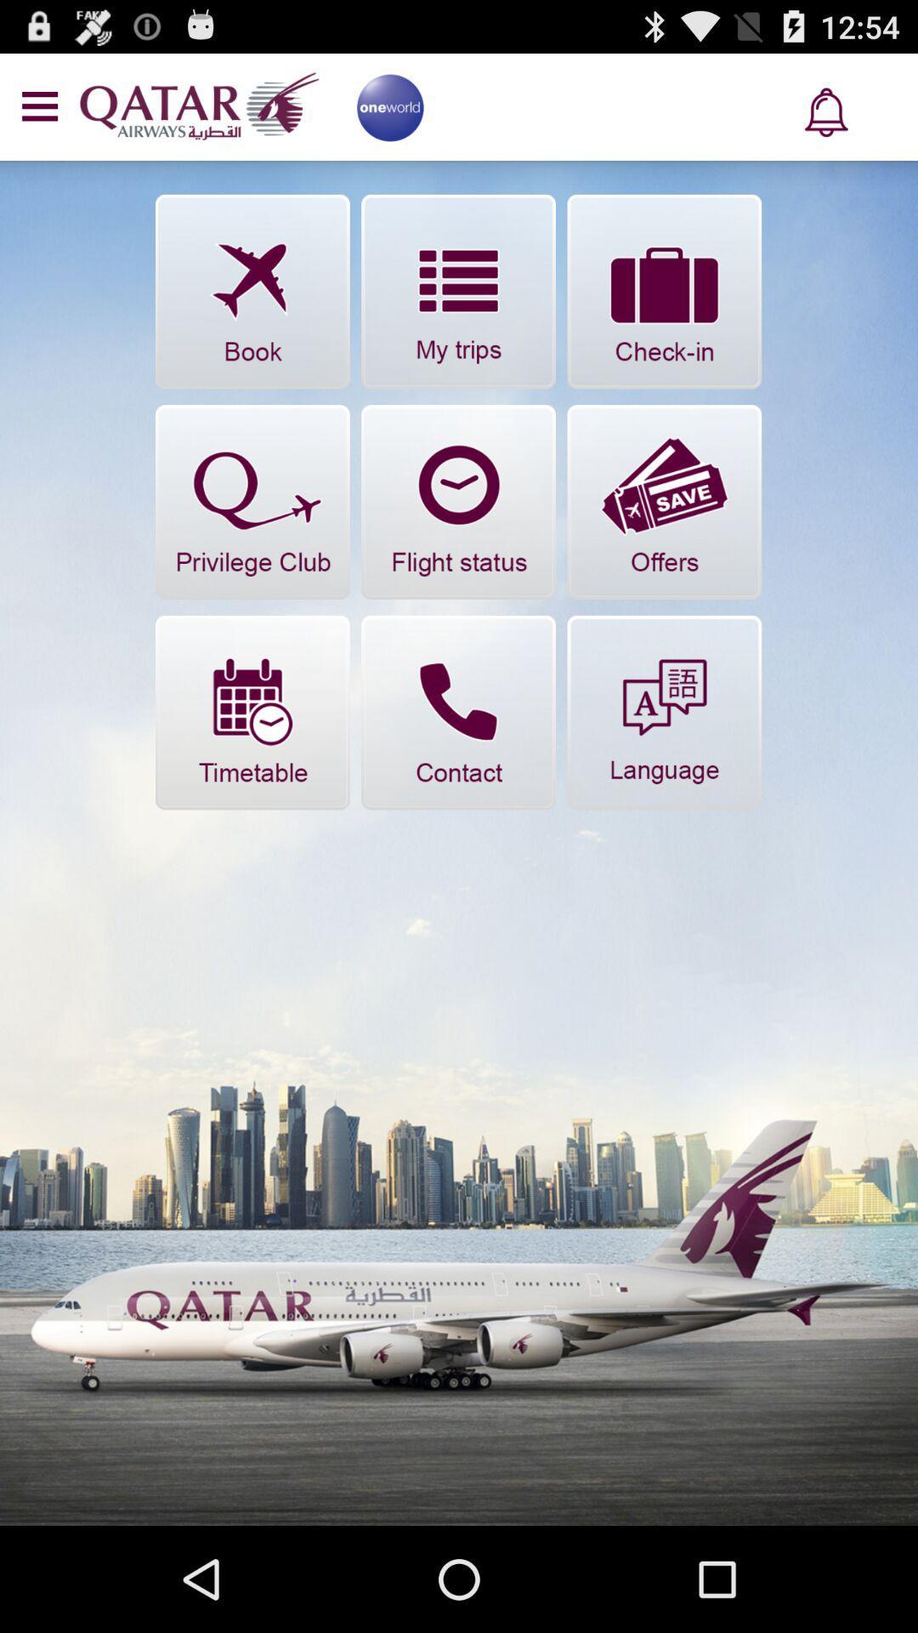  Describe the element at coordinates (663, 713) in the screenshot. I see `language` at that location.